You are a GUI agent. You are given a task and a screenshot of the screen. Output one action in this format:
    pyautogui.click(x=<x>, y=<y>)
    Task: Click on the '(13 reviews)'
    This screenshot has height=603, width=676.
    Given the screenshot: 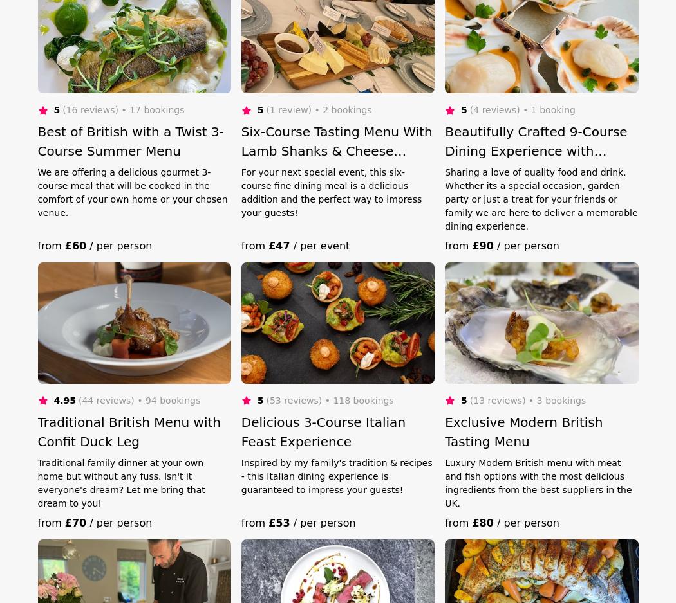 What is the action you would take?
    pyautogui.click(x=497, y=399)
    